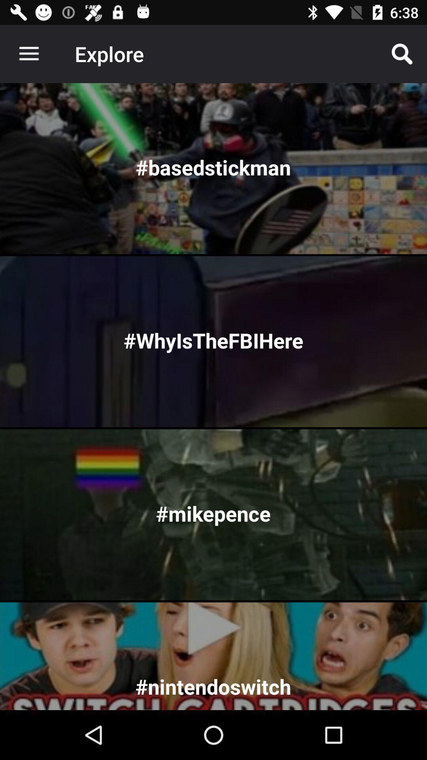 The image size is (427, 760). I want to click on the icon next to explore item, so click(28, 53).